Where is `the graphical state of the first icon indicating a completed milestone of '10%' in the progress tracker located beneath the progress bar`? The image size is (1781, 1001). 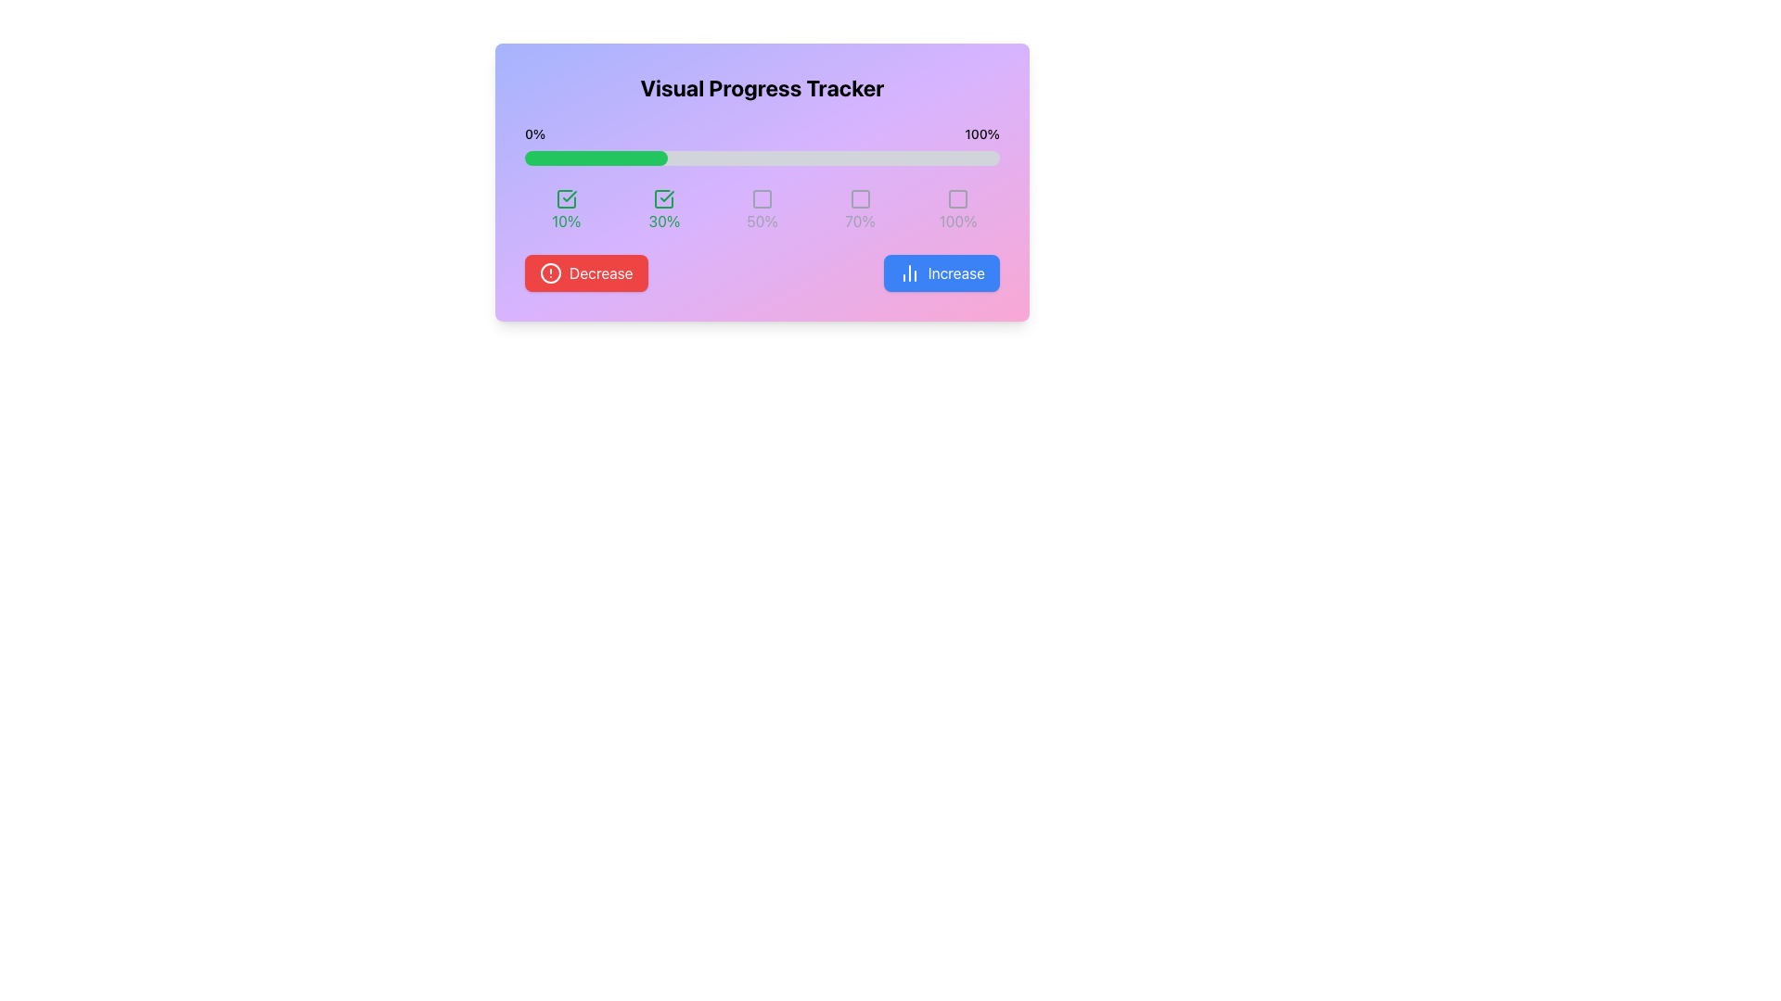
the graphical state of the first icon indicating a completed milestone of '10%' in the progress tracker located beneath the progress bar is located at coordinates (565, 199).